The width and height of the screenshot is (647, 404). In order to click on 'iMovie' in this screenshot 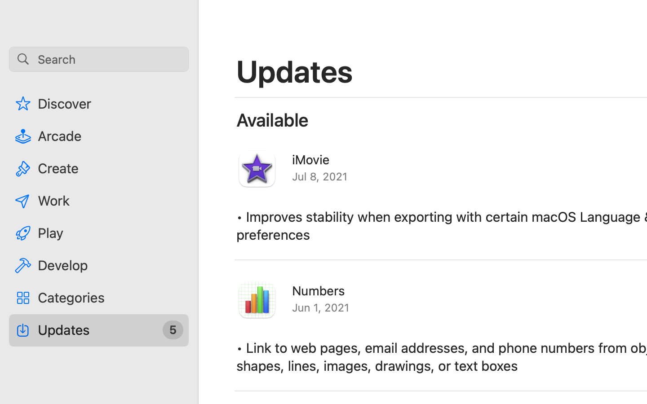, I will do `click(311, 159)`.